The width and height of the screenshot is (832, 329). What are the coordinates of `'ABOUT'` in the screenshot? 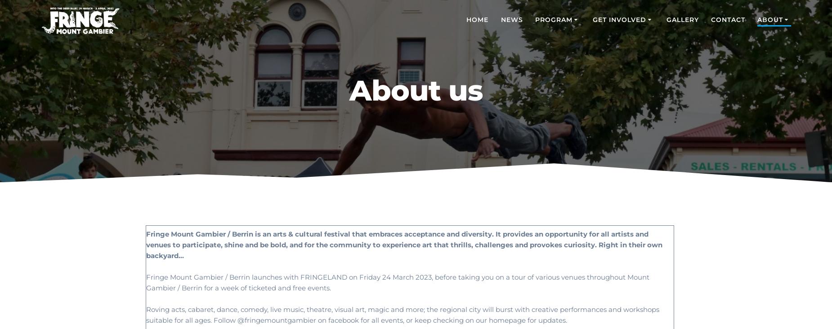 It's located at (757, 19).